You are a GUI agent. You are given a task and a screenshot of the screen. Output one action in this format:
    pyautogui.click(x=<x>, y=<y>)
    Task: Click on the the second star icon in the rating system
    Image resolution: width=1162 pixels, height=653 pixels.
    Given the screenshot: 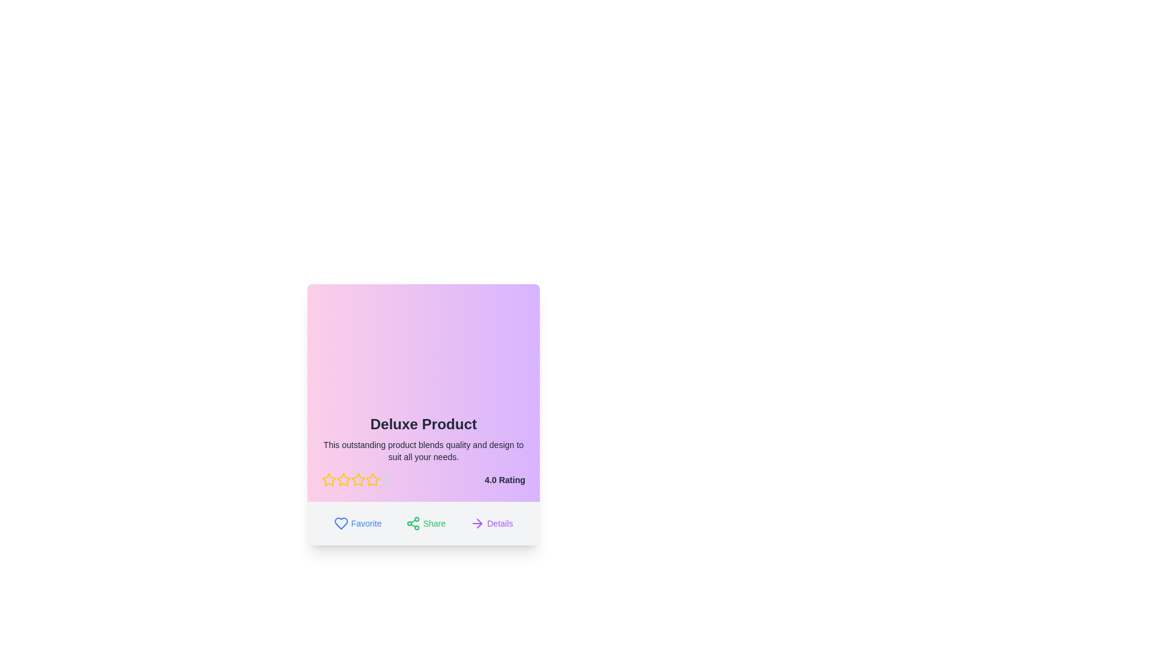 What is the action you would take?
    pyautogui.click(x=343, y=479)
    